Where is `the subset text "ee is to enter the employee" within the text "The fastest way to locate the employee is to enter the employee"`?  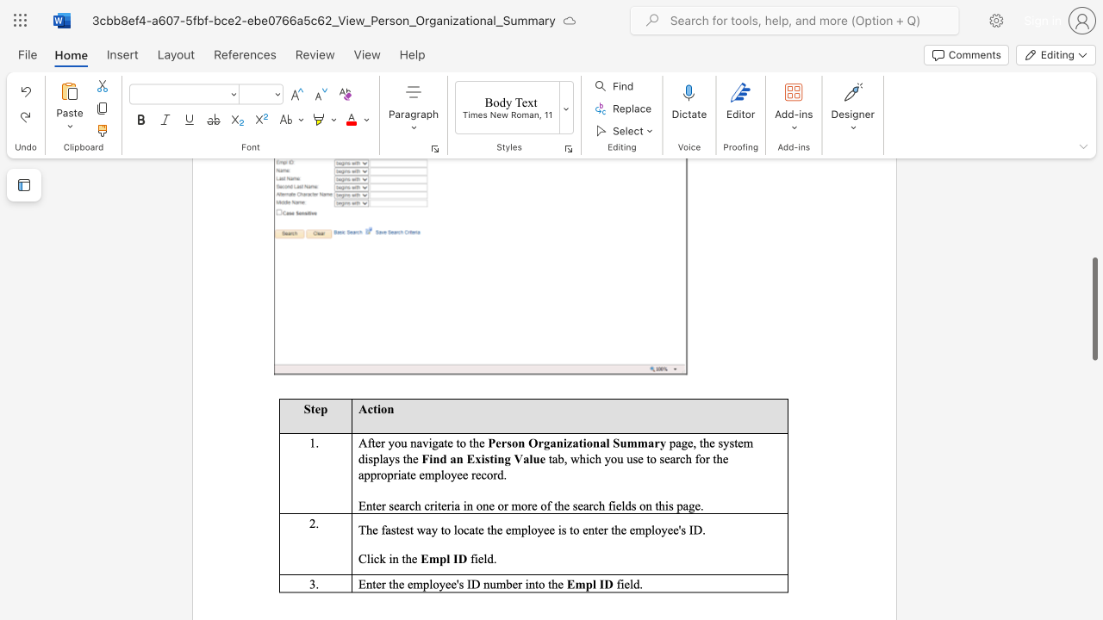
the subset text "ee is to enter the employee" within the text "The fastest way to locate the employee is to enter the employee" is located at coordinates (543, 529).